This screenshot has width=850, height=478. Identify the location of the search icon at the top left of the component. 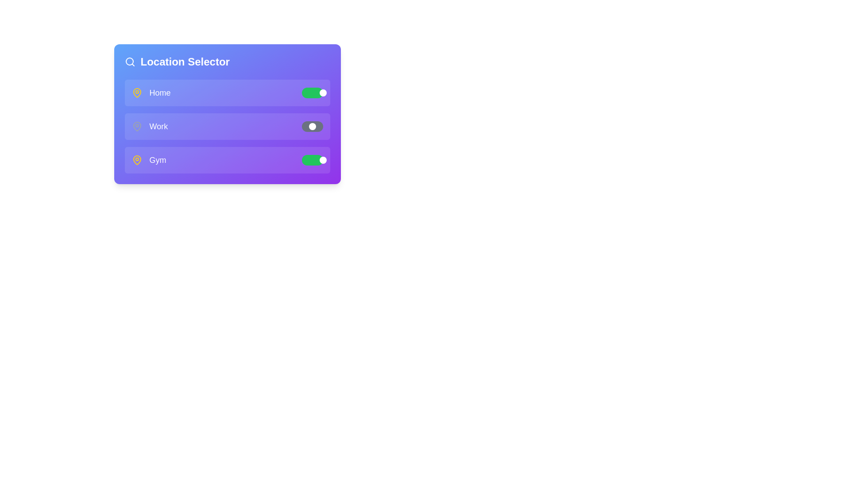
(129, 61).